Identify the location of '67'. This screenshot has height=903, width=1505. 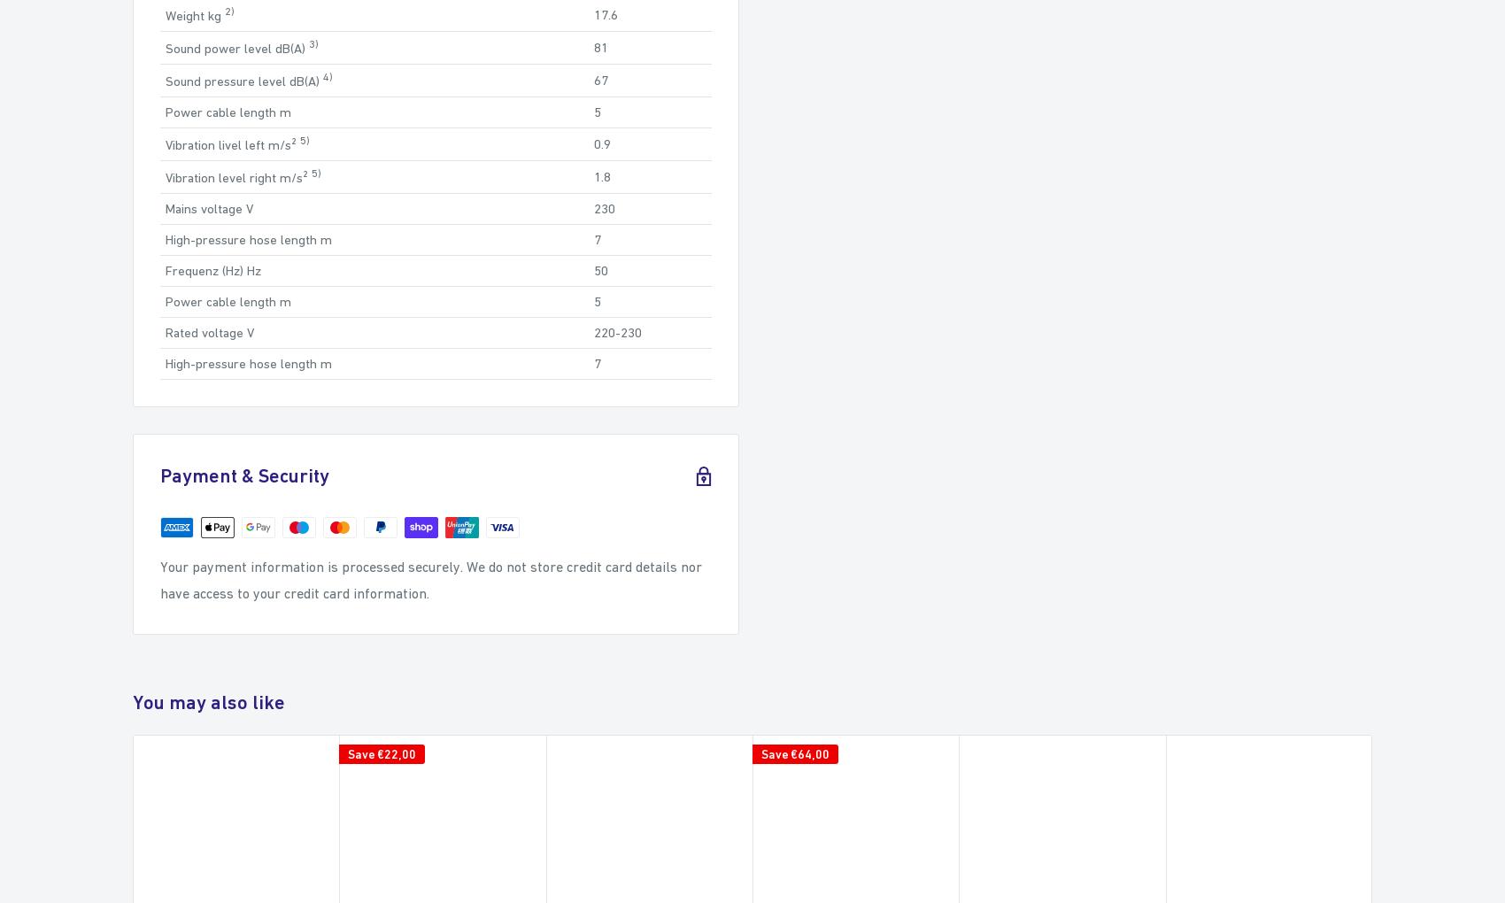
(599, 78).